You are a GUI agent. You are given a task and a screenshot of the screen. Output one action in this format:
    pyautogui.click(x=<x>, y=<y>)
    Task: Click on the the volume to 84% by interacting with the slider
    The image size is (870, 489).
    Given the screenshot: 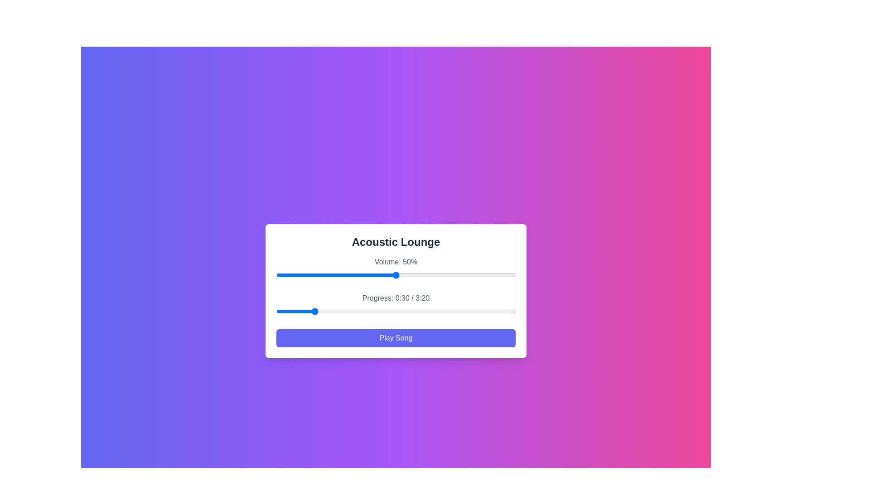 What is the action you would take?
    pyautogui.click(x=477, y=275)
    